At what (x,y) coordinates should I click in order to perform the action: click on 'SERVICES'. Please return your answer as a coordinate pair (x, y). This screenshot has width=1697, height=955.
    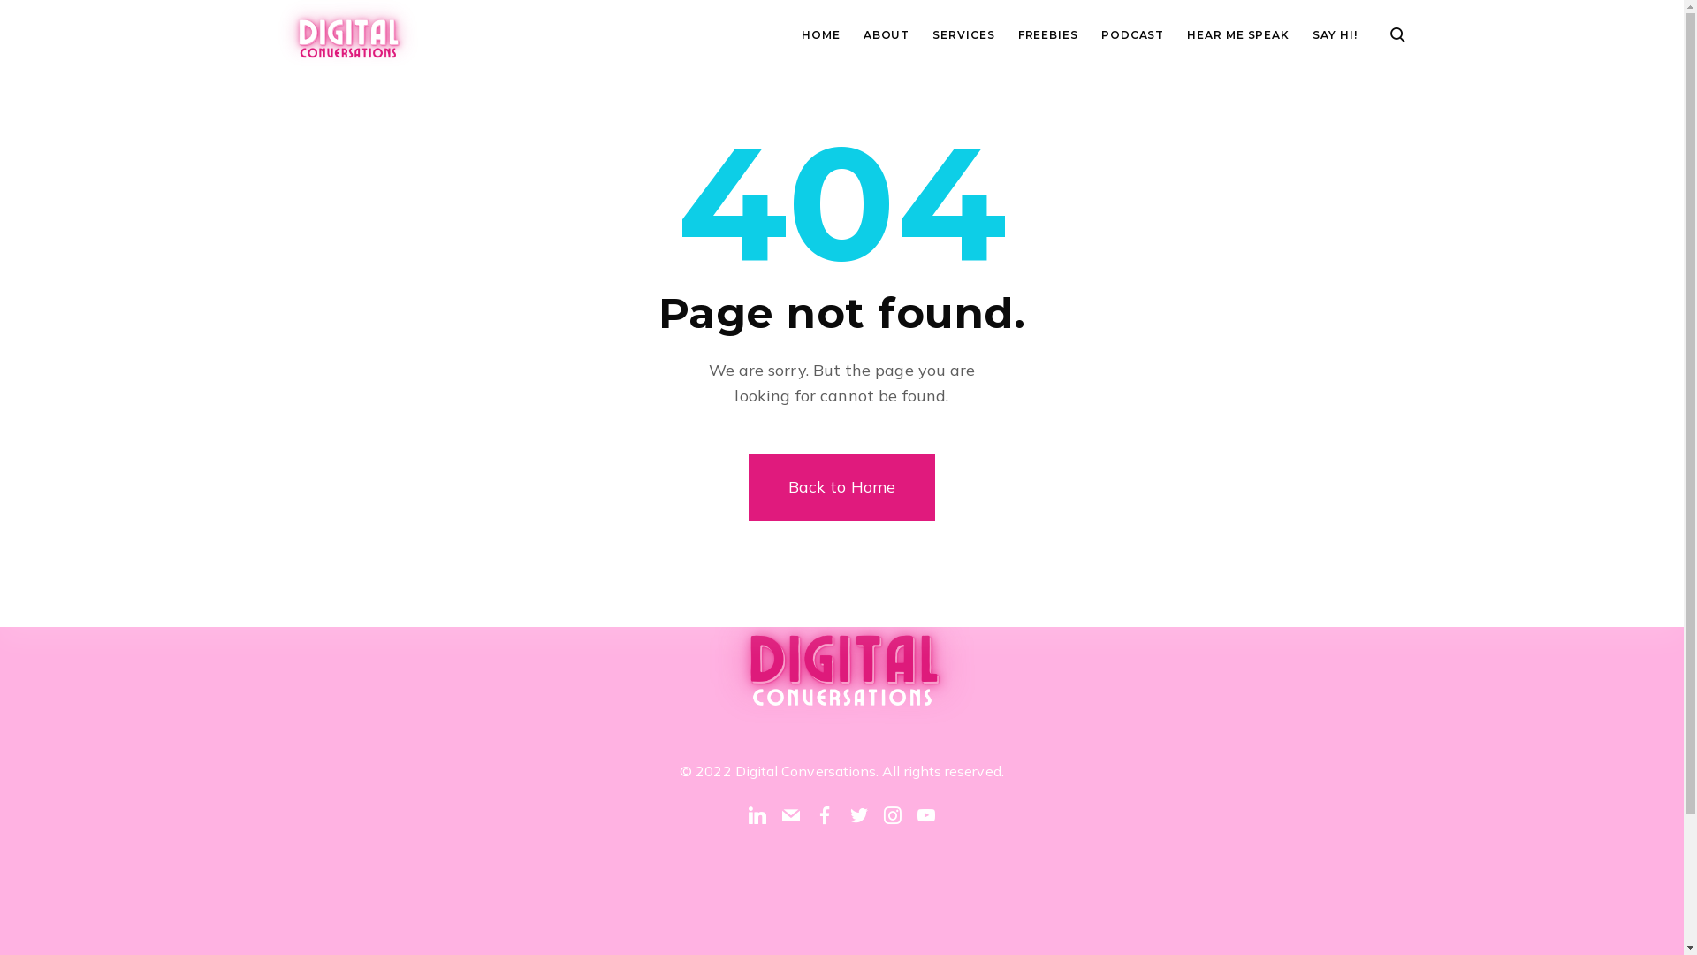
    Looking at the image, I should click on (962, 34).